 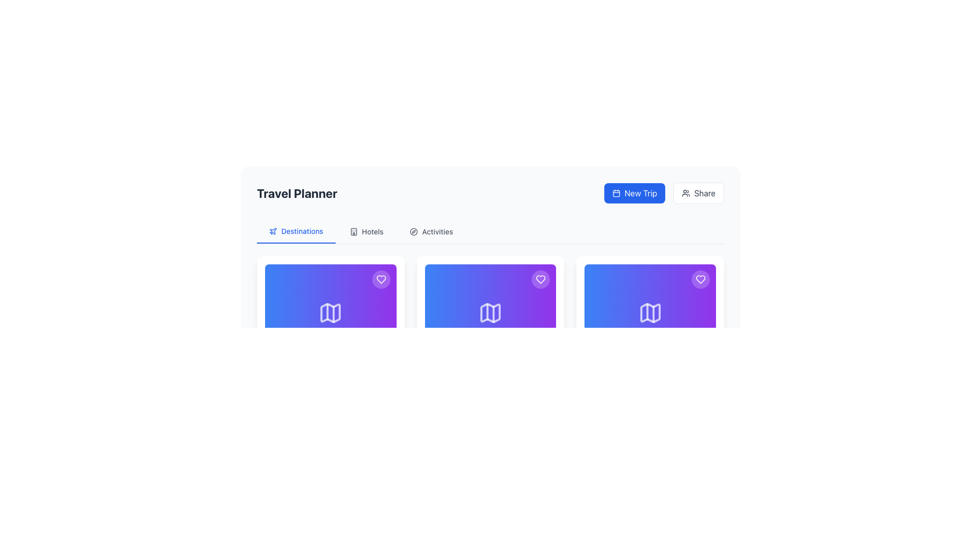 What do you see at coordinates (380, 280) in the screenshot?
I see `the heart-shaped icon located within the rounded button in the top-right corner of the first card in the horizontally-aligned list` at bounding box center [380, 280].